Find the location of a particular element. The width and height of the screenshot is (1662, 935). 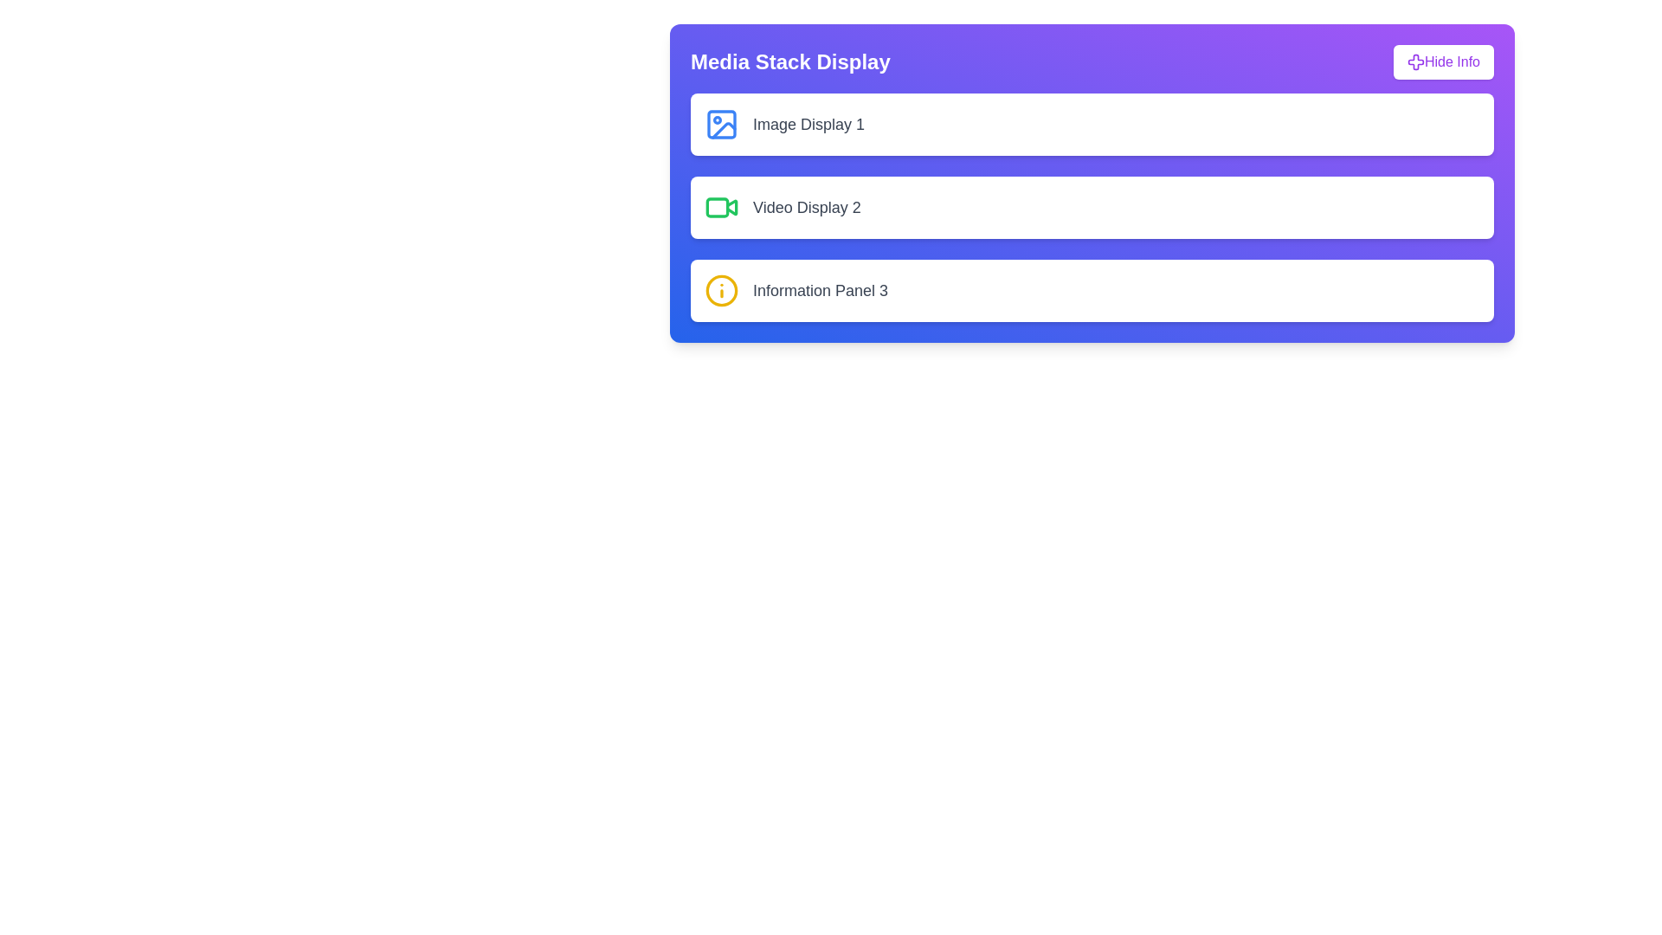

text displayed in the Text Label that shows 'Video Display 2', located in the second row of a vertically stacked list, to the right of a video camera icon is located at coordinates (806, 206).